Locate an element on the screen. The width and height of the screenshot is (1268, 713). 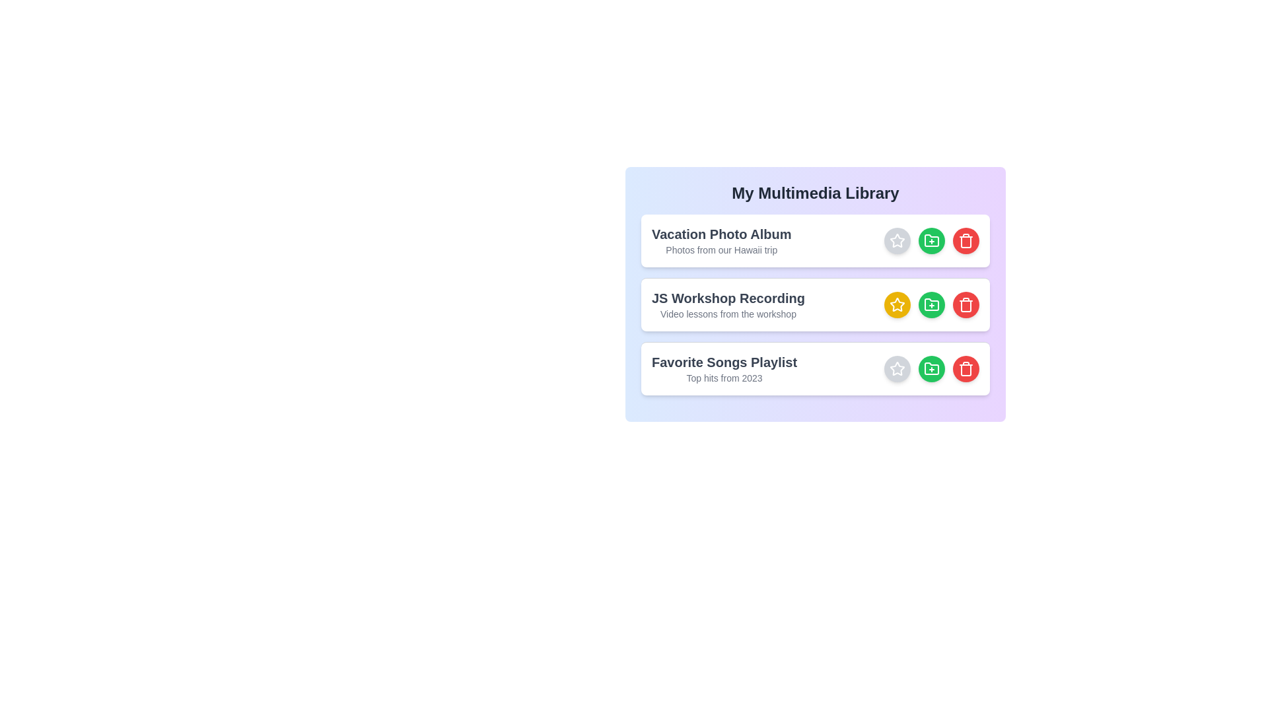
the yellow star-shaped icon located to the left of the green 'Add' icon, in the second entry of a vertical list, to mark as favorite is located at coordinates (897, 305).